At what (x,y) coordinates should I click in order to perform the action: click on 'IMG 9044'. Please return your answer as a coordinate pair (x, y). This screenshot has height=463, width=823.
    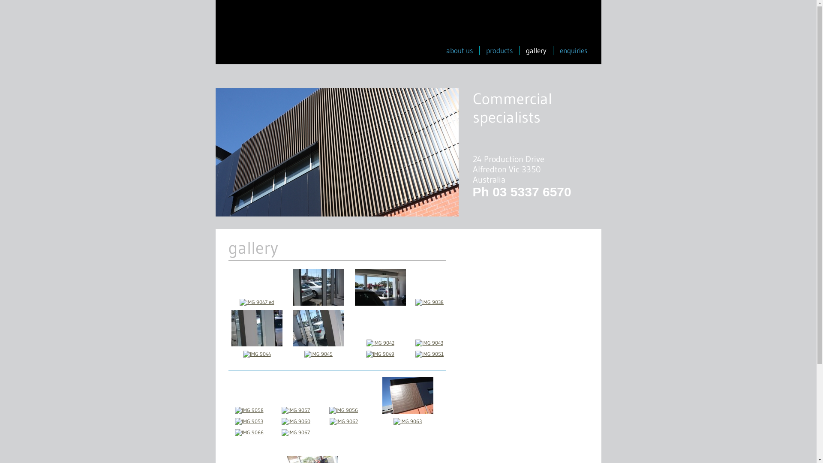
    Looking at the image, I should click on (256, 354).